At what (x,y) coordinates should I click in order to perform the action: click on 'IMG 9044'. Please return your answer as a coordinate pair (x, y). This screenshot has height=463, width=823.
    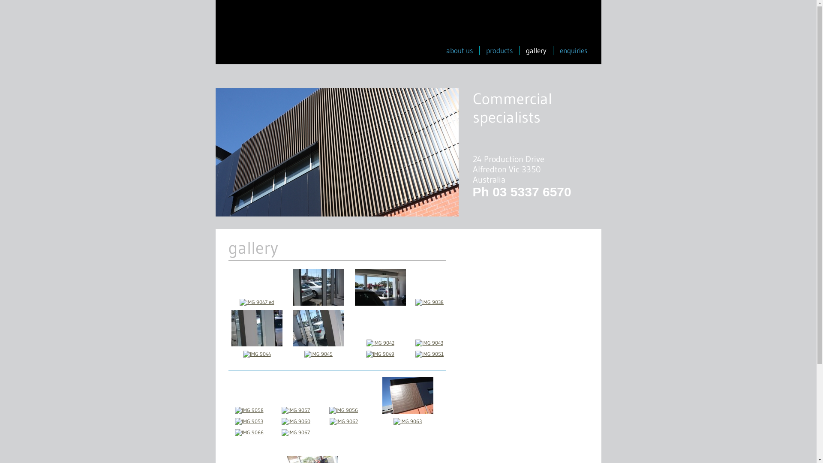
    Looking at the image, I should click on (256, 354).